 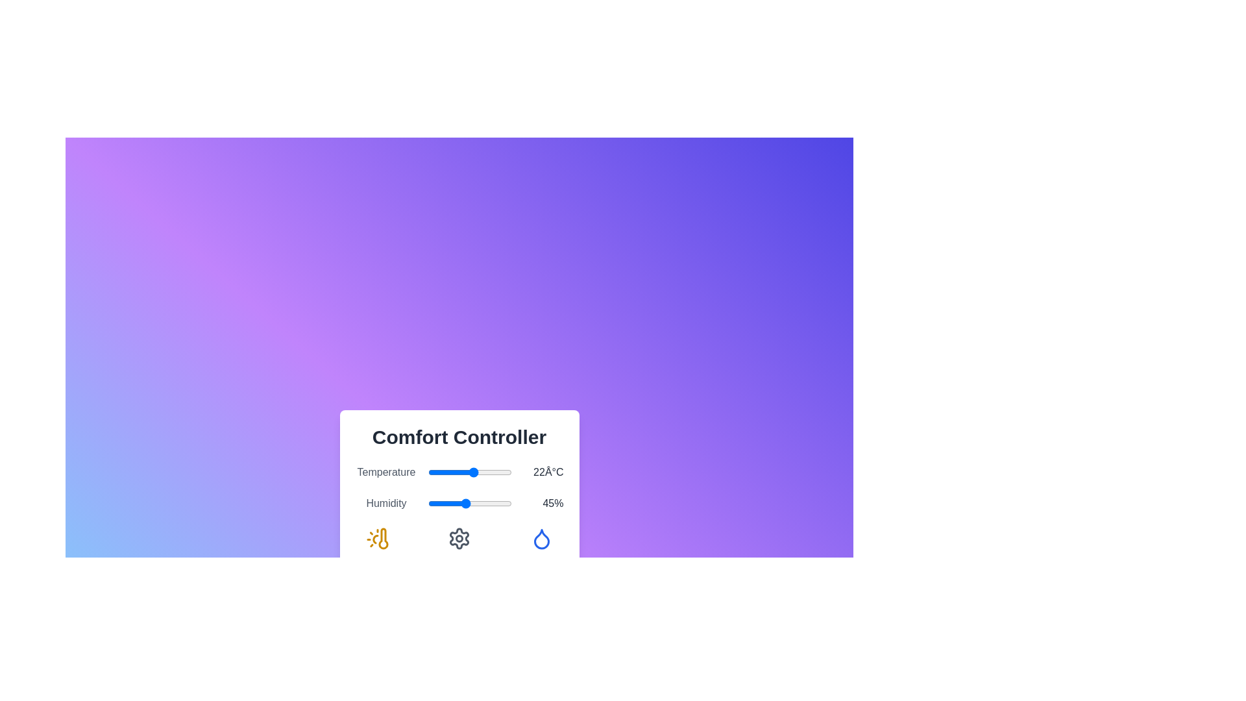 I want to click on the humidity slider to set the value to 13, so click(x=439, y=502).